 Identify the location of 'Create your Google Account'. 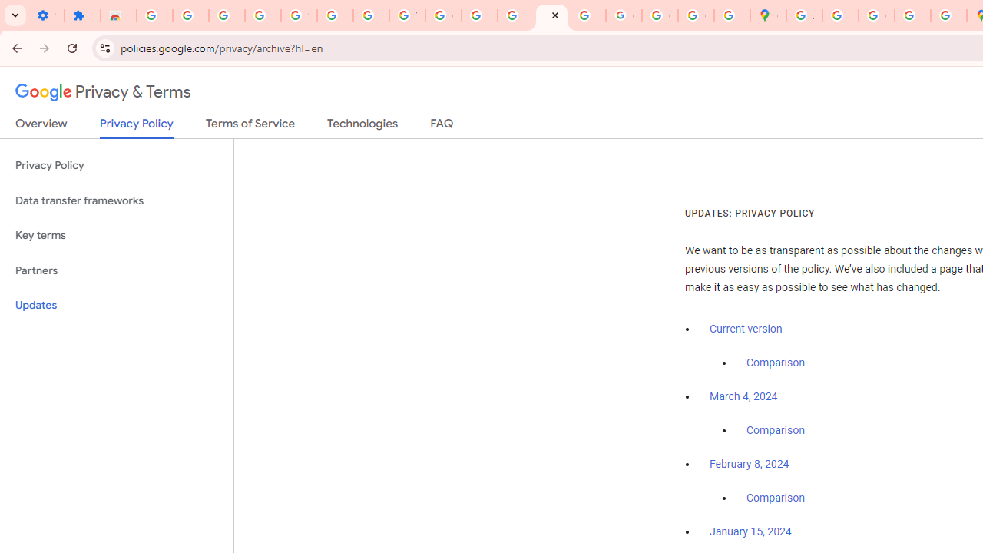
(876, 15).